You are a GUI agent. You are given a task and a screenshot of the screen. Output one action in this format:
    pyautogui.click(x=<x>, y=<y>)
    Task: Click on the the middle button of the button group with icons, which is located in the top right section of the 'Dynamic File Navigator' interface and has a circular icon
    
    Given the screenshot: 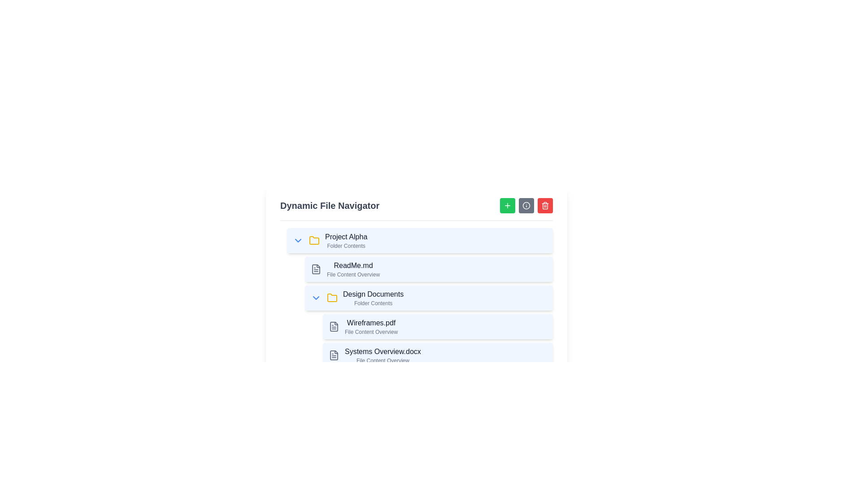 What is the action you would take?
    pyautogui.click(x=526, y=206)
    